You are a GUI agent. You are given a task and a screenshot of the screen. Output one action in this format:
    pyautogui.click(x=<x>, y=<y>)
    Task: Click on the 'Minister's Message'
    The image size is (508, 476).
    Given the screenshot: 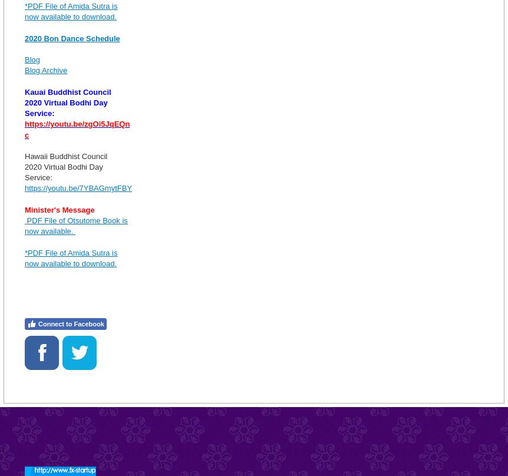 What is the action you would take?
    pyautogui.click(x=24, y=209)
    